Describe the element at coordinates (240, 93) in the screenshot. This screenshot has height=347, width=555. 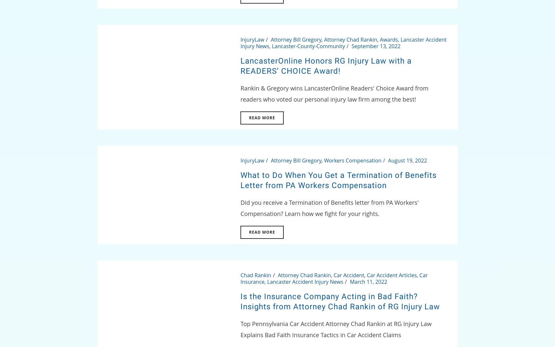
I see `'Rankin & Gregory wins LancasterOnline Readers' Choice Award from readers who voted our personal injury law firm among the best!'` at that location.